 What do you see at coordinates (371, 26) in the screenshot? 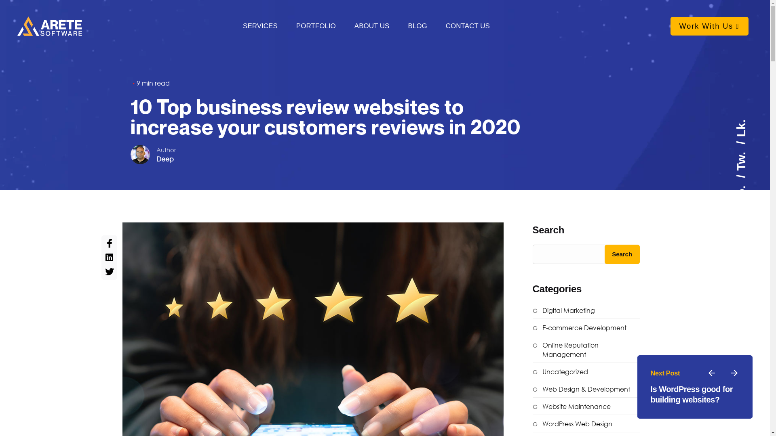
I see `'ABOUT US'` at bounding box center [371, 26].